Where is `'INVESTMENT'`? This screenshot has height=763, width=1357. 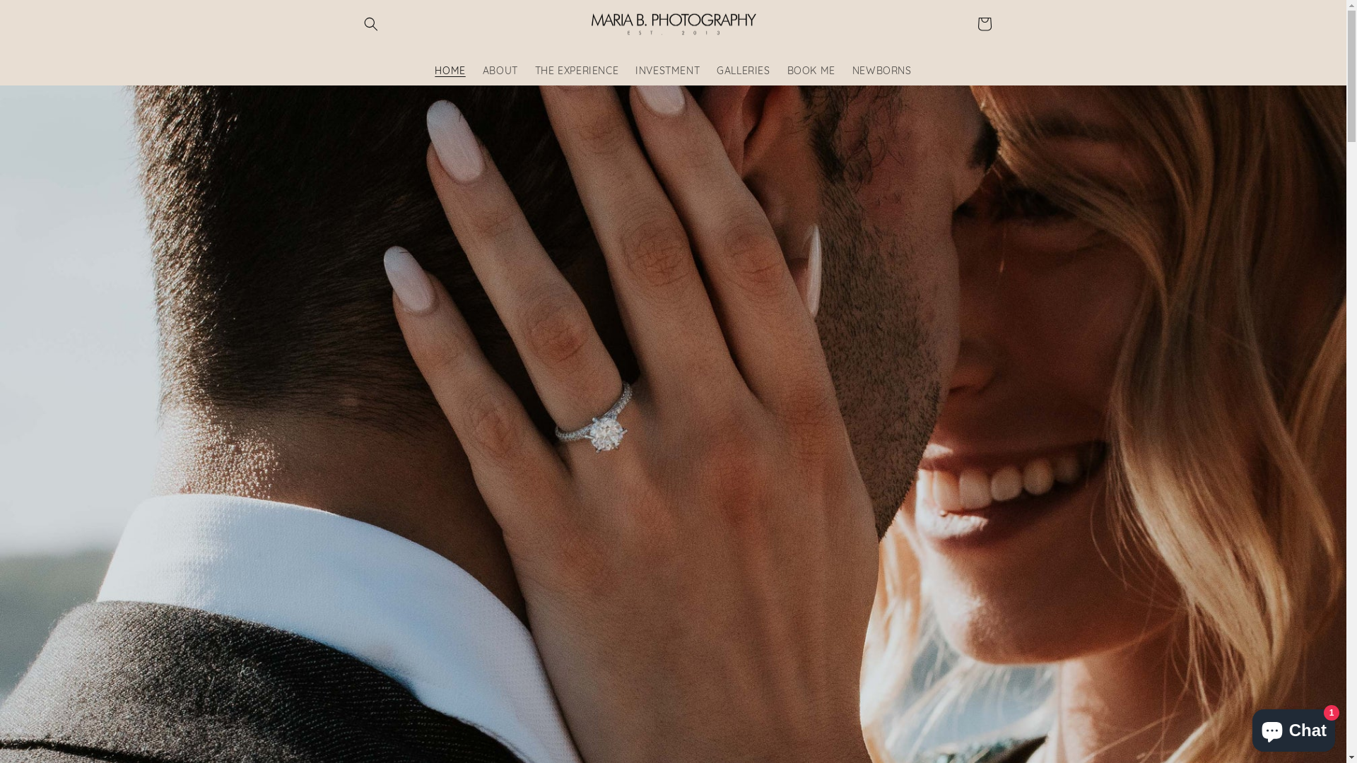
'INVESTMENT' is located at coordinates (666, 71).